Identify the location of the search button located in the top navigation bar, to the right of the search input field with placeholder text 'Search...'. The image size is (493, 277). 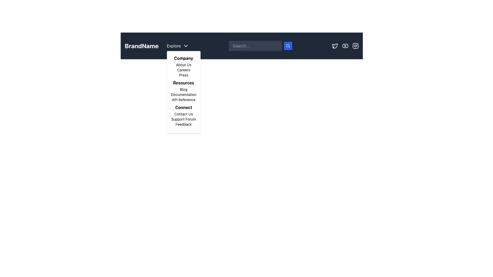
(288, 45).